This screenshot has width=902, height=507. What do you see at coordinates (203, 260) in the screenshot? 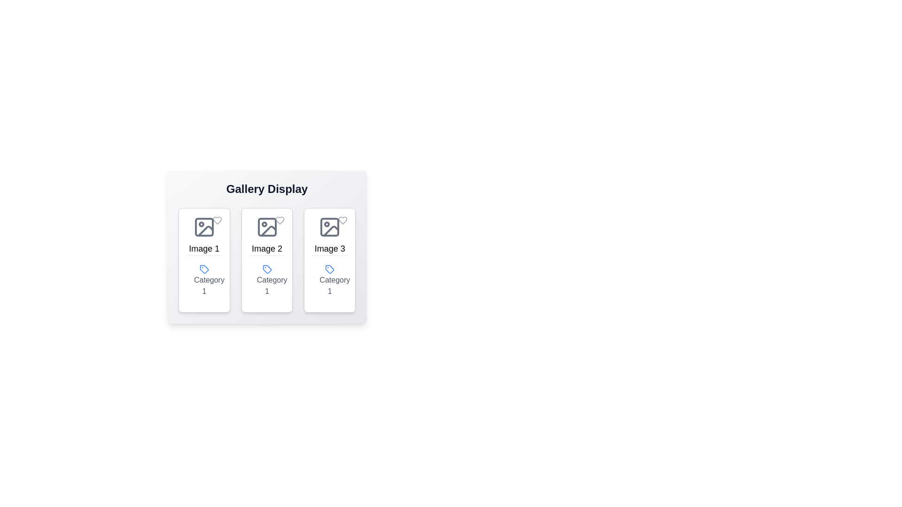
I see `the display card labeled 'Image 1' in 'Category 1', which is the first card from the left in a horizontal list of three similar cards` at bounding box center [203, 260].